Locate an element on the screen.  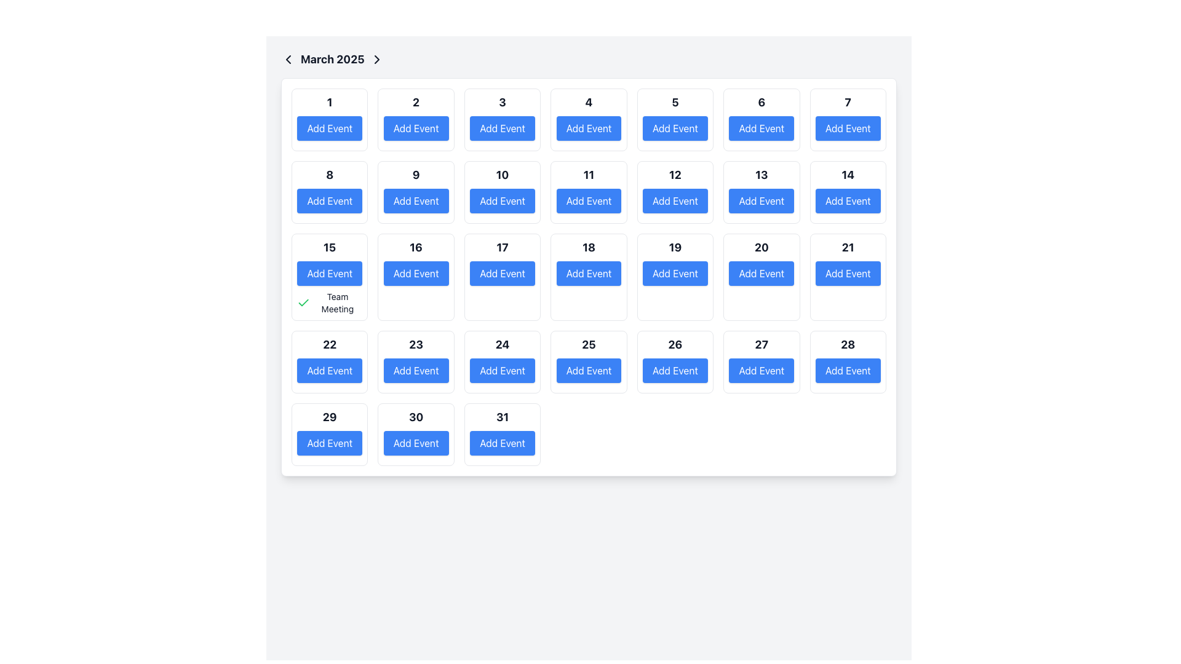
the text label displaying the number '24', which is styled in bold and large font, located in the calendar interface is located at coordinates (502, 344).